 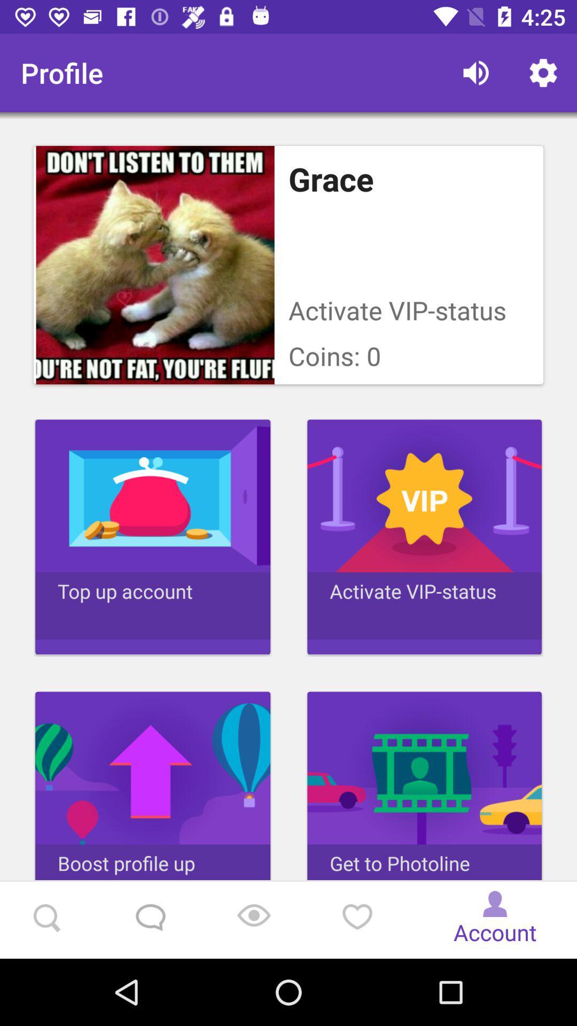 I want to click on the icon next to profile icon, so click(x=475, y=72).